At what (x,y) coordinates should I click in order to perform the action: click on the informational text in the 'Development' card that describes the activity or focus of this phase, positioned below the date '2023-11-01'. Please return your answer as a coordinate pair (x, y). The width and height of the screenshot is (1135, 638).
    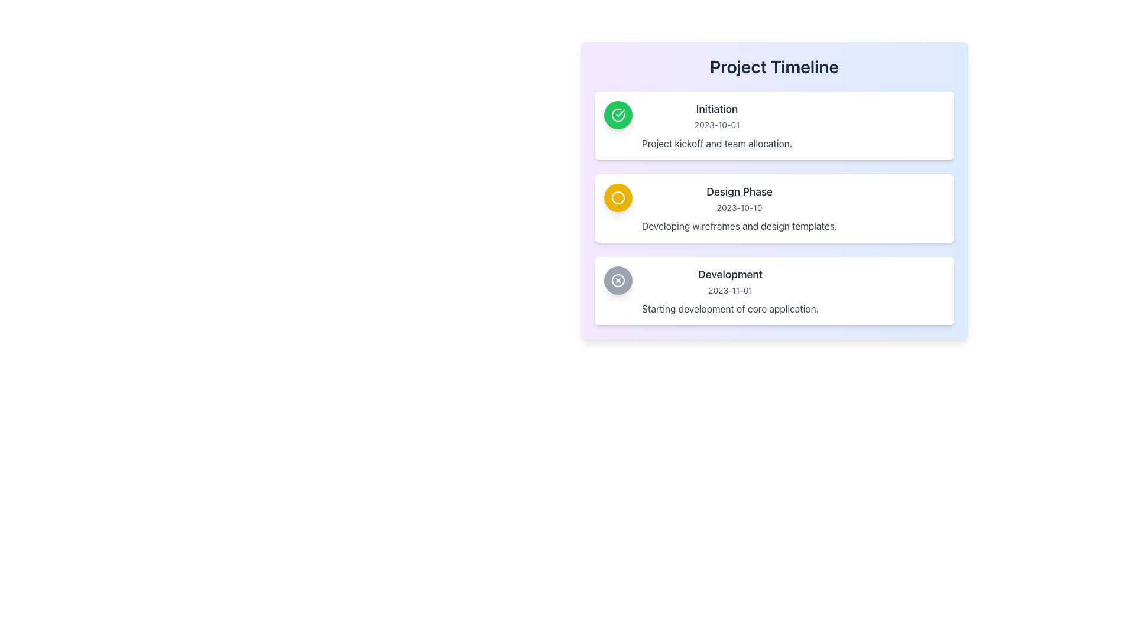
    Looking at the image, I should click on (729, 308).